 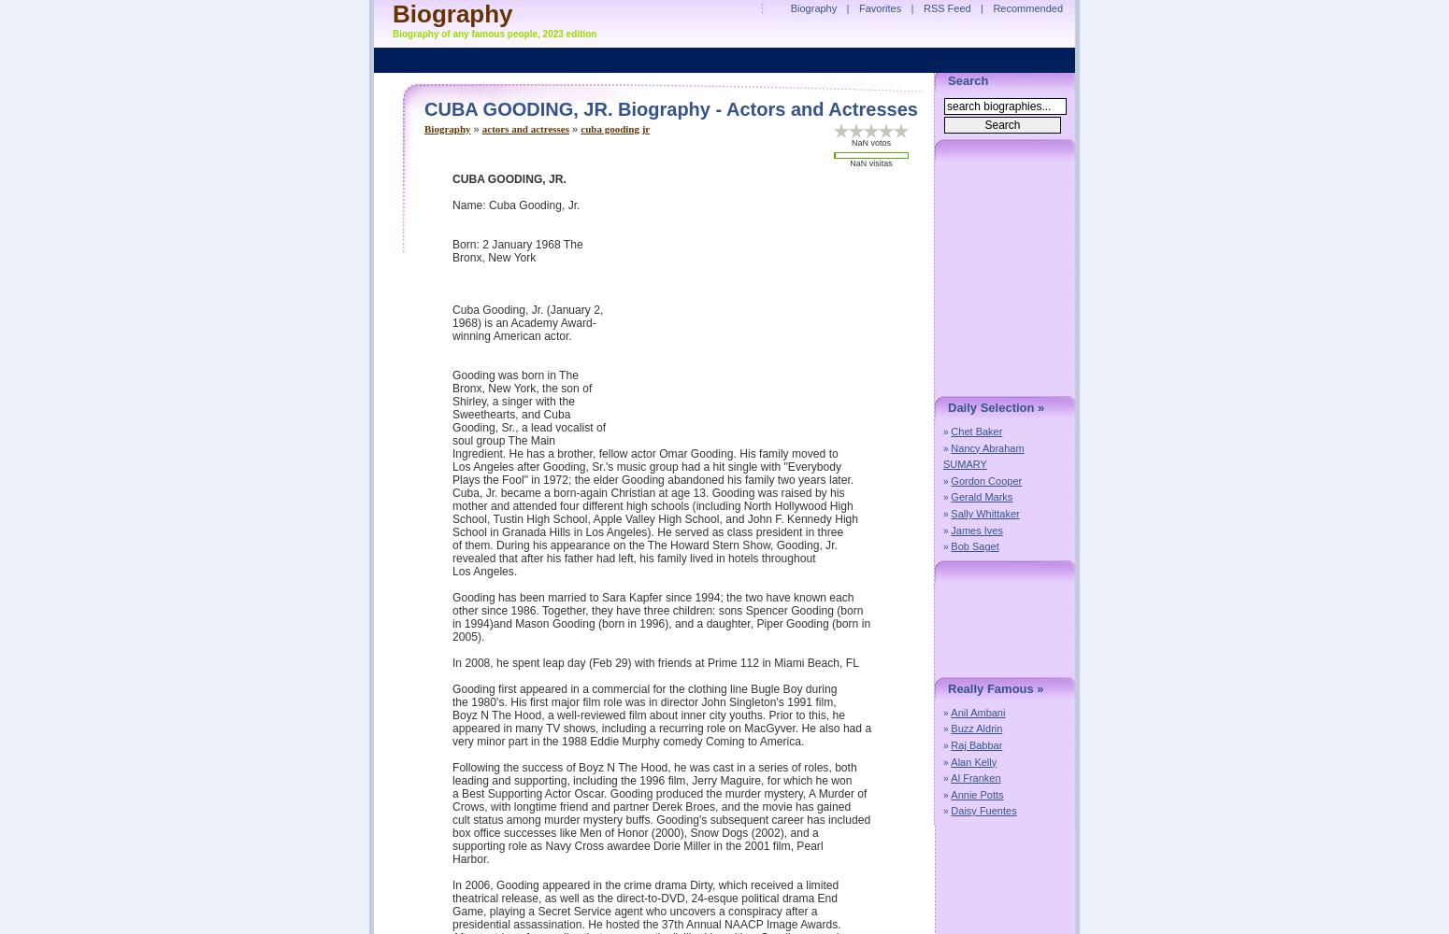 I want to click on 'In 2008, he spent leap day (Feb 29) with friends at Prime 112 in Miami Beach, FL', so click(x=667, y=662).